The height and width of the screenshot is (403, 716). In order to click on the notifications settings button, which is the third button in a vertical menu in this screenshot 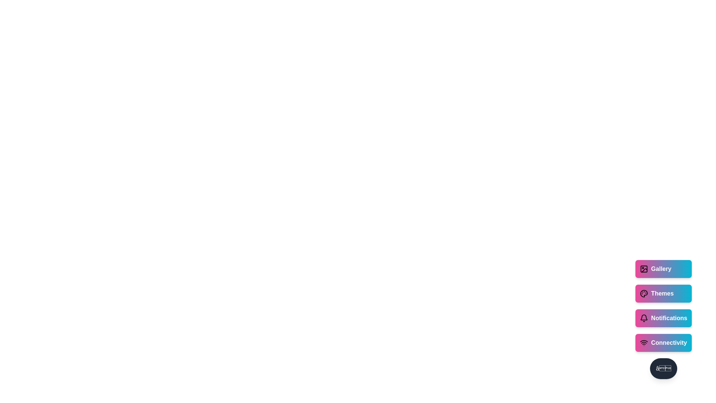, I will do `click(663, 309)`.